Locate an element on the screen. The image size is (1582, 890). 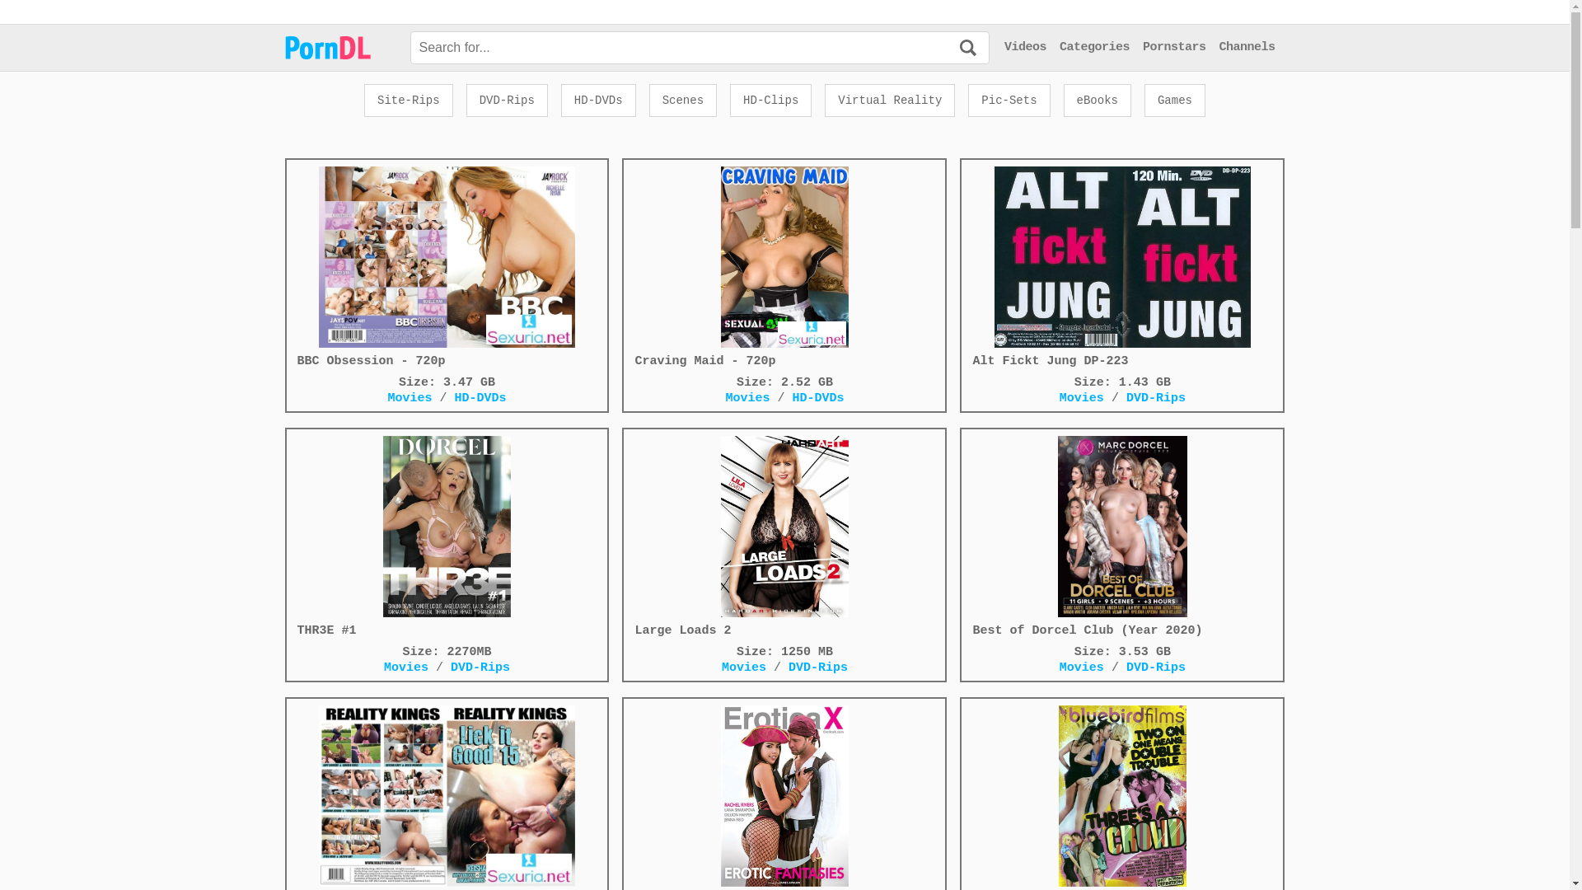
'Videos' is located at coordinates (1024, 46).